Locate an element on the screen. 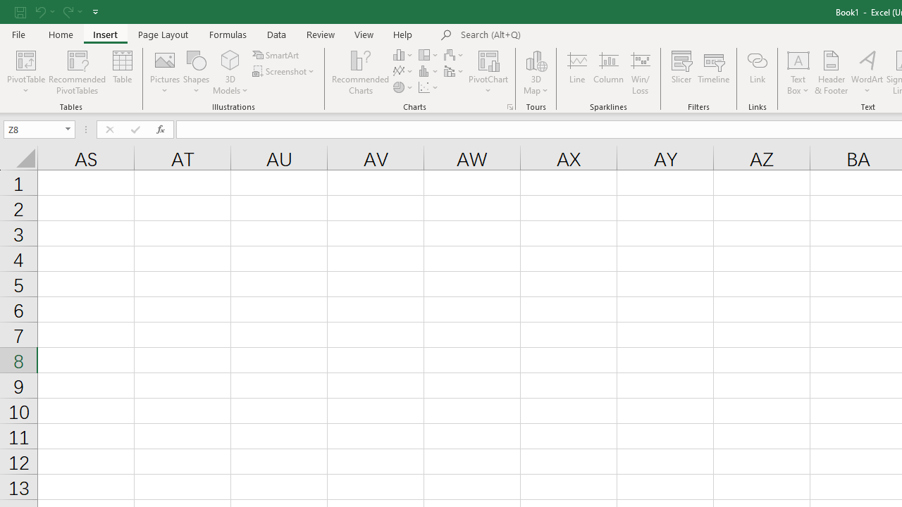  'Insert Hierarchy Chart' is located at coordinates (428, 54).